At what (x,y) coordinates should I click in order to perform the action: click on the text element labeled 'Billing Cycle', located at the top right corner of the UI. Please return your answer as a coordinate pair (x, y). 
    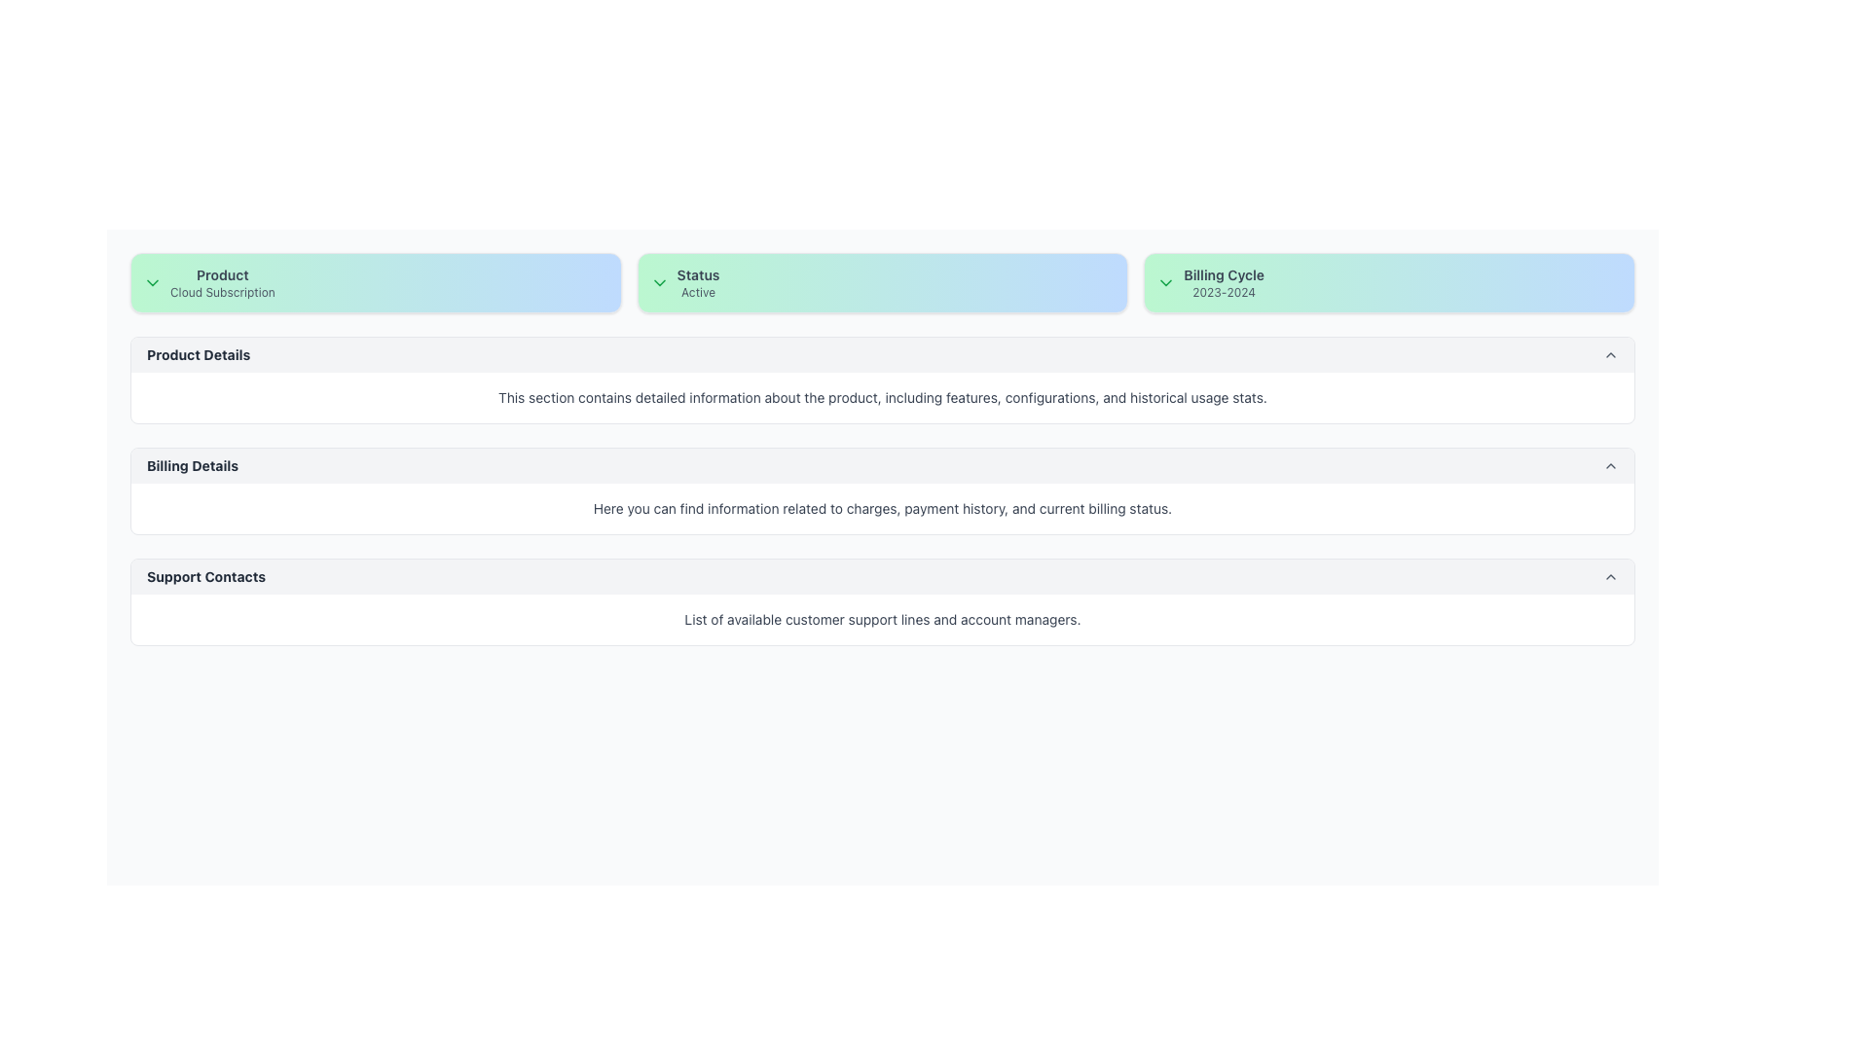
    Looking at the image, I should click on (1223, 274).